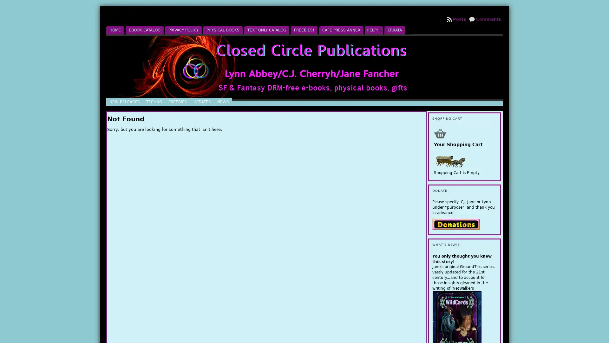  What do you see at coordinates (440, 133) in the screenshot?
I see `Shopping Cart` at bounding box center [440, 133].